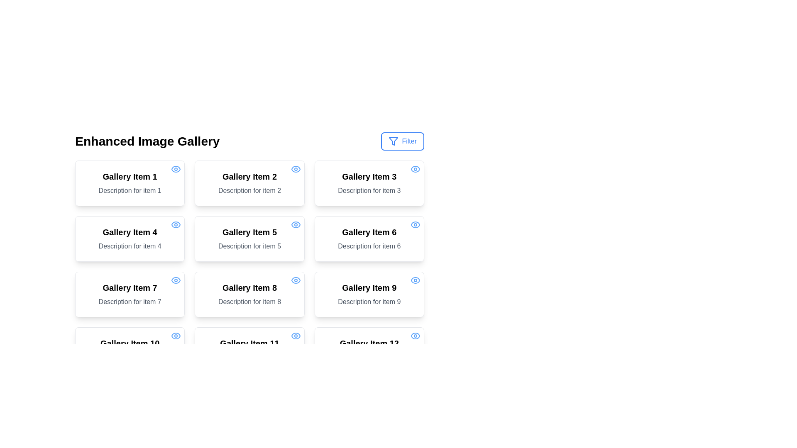  What do you see at coordinates (416, 225) in the screenshot?
I see `the visibility icon located in the top-right corner of the card labeled 'Gallery Item 6' to interact with its functionality` at bounding box center [416, 225].